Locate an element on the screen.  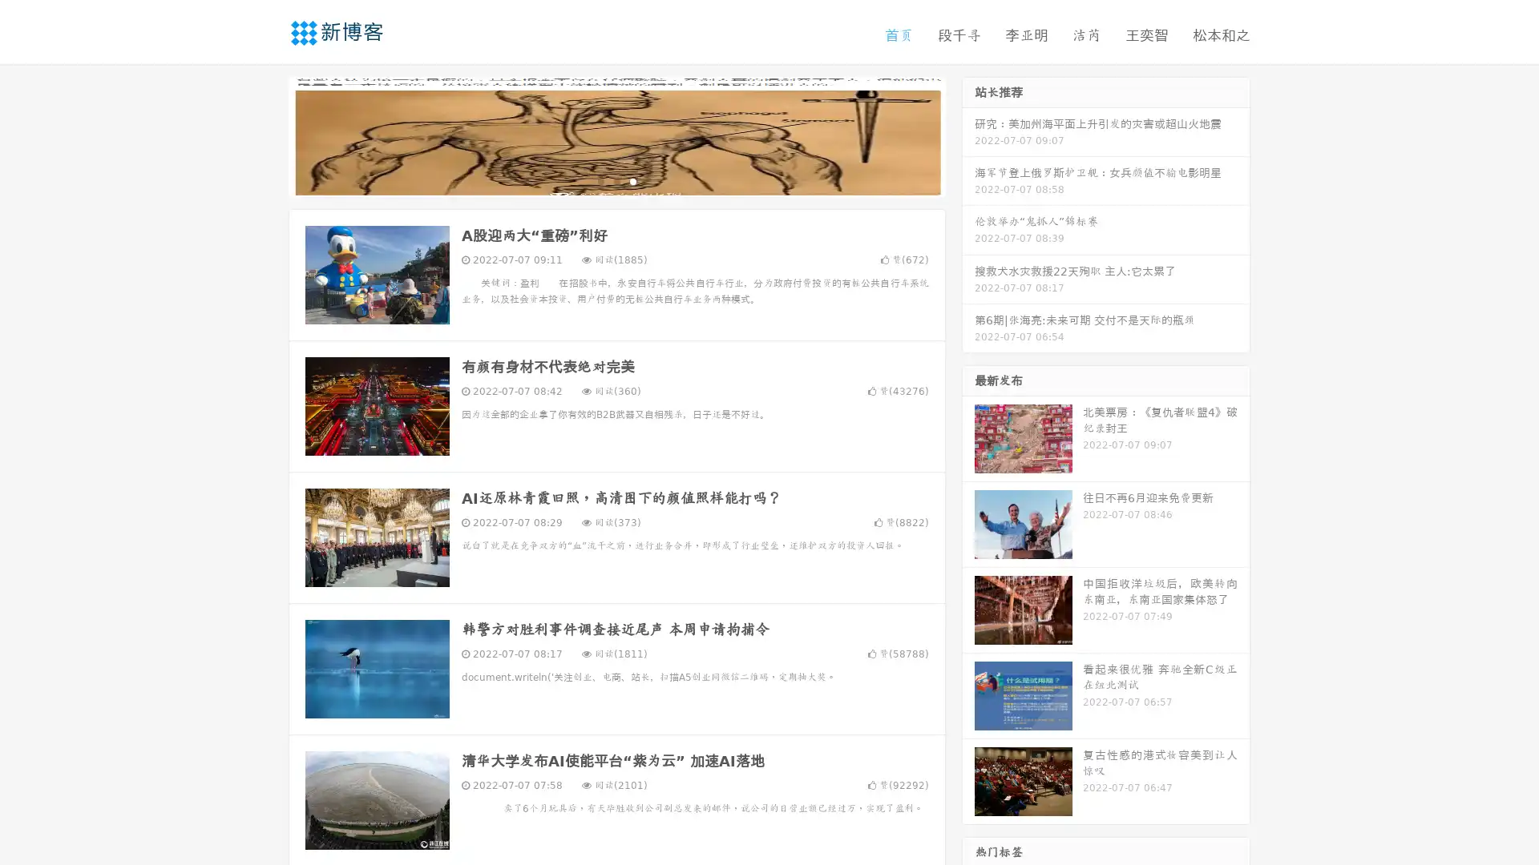
Next slide is located at coordinates (968, 135).